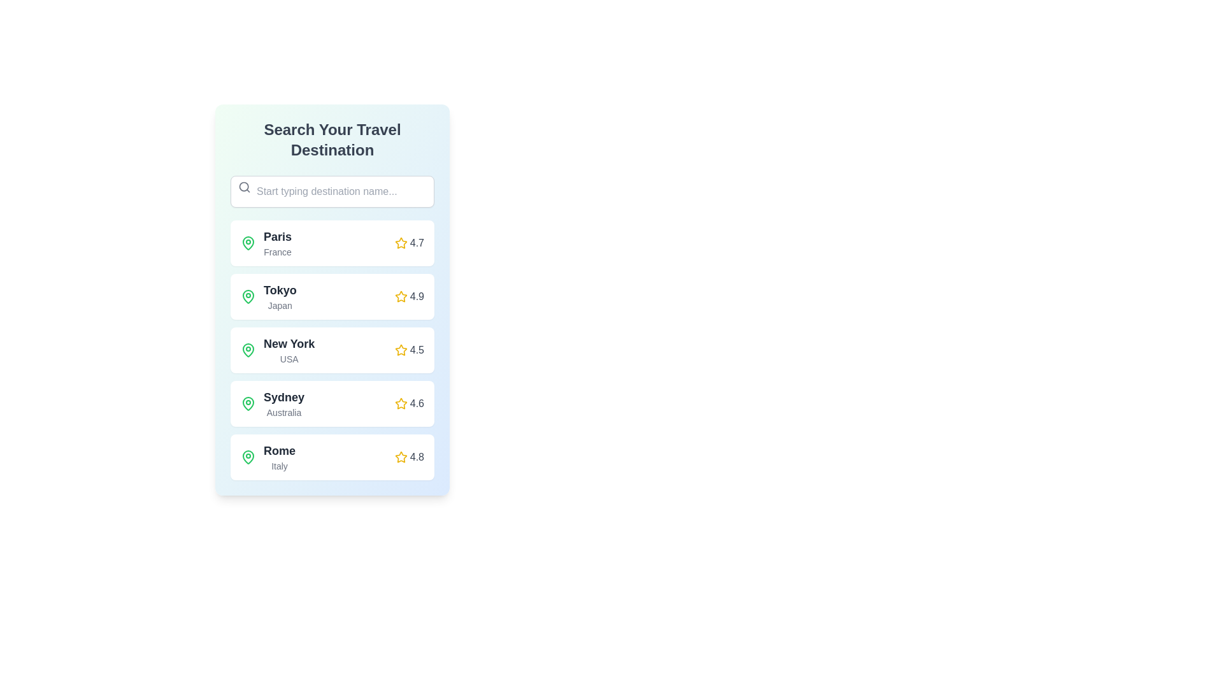 This screenshot has height=688, width=1223. What do you see at coordinates (400, 403) in the screenshot?
I see `the star-shaped icon with a yellow outline that represents a rating or favorite icon, located to the left of the number '4.6' in the same row as 'Sydney' and 'Australia'` at bounding box center [400, 403].